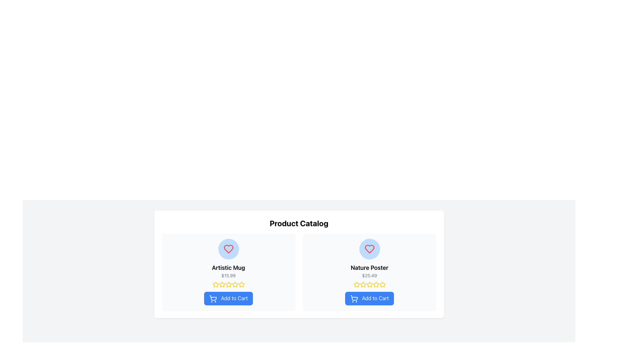 This screenshot has height=349, width=621. Describe the element at coordinates (369, 284) in the screenshot. I see `the fourth star icon in the rating system for the 'Nature Poster' product, located in the second column of the product listing grid` at that location.